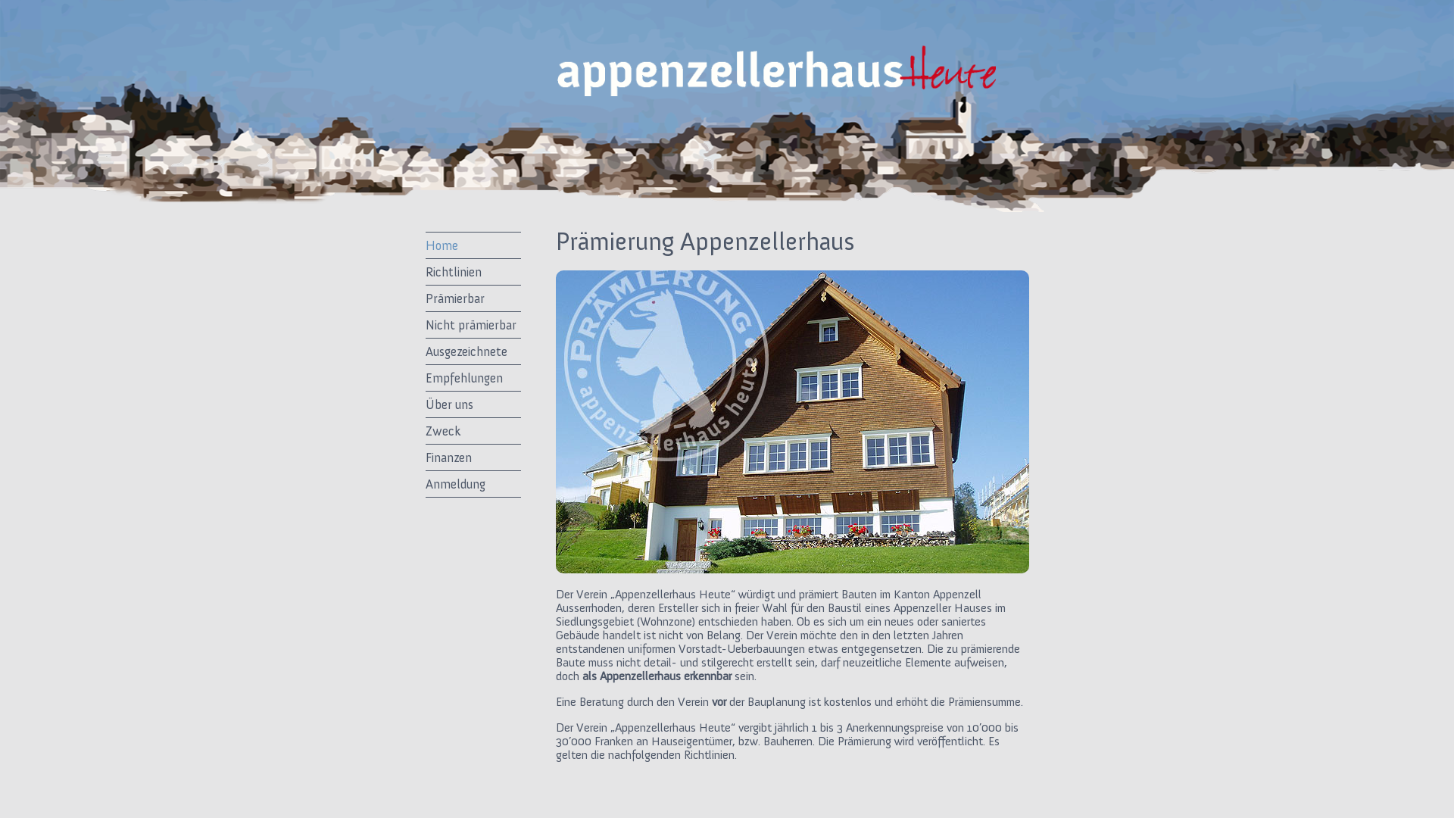  What do you see at coordinates (472, 351) in the screenshot?
I see `'Ausgezeichnete'` at bounding box center [472, 351].